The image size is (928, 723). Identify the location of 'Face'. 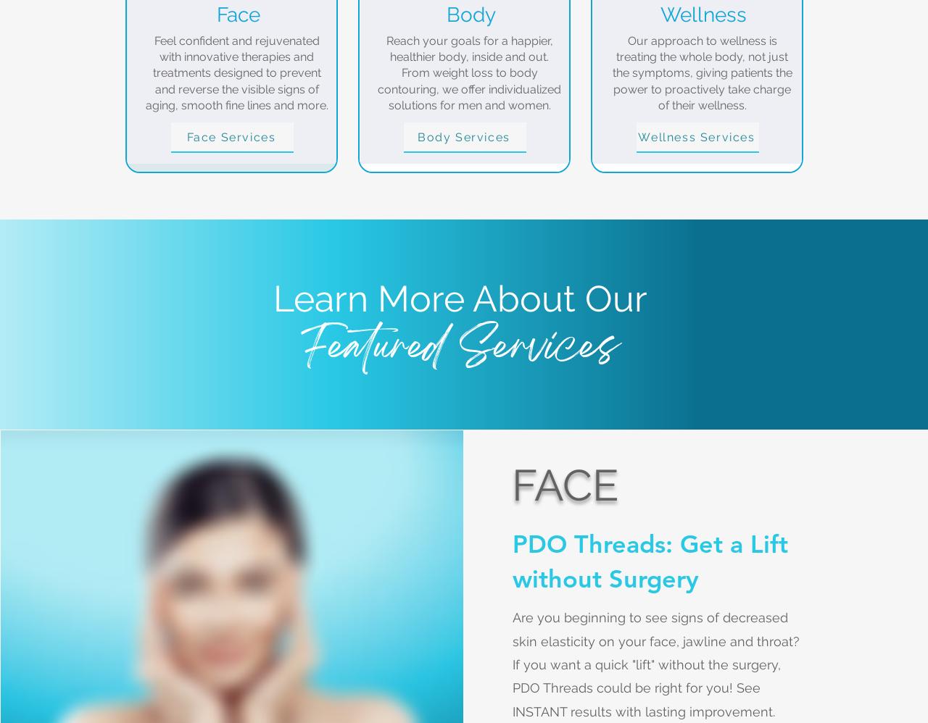
(237, 14).